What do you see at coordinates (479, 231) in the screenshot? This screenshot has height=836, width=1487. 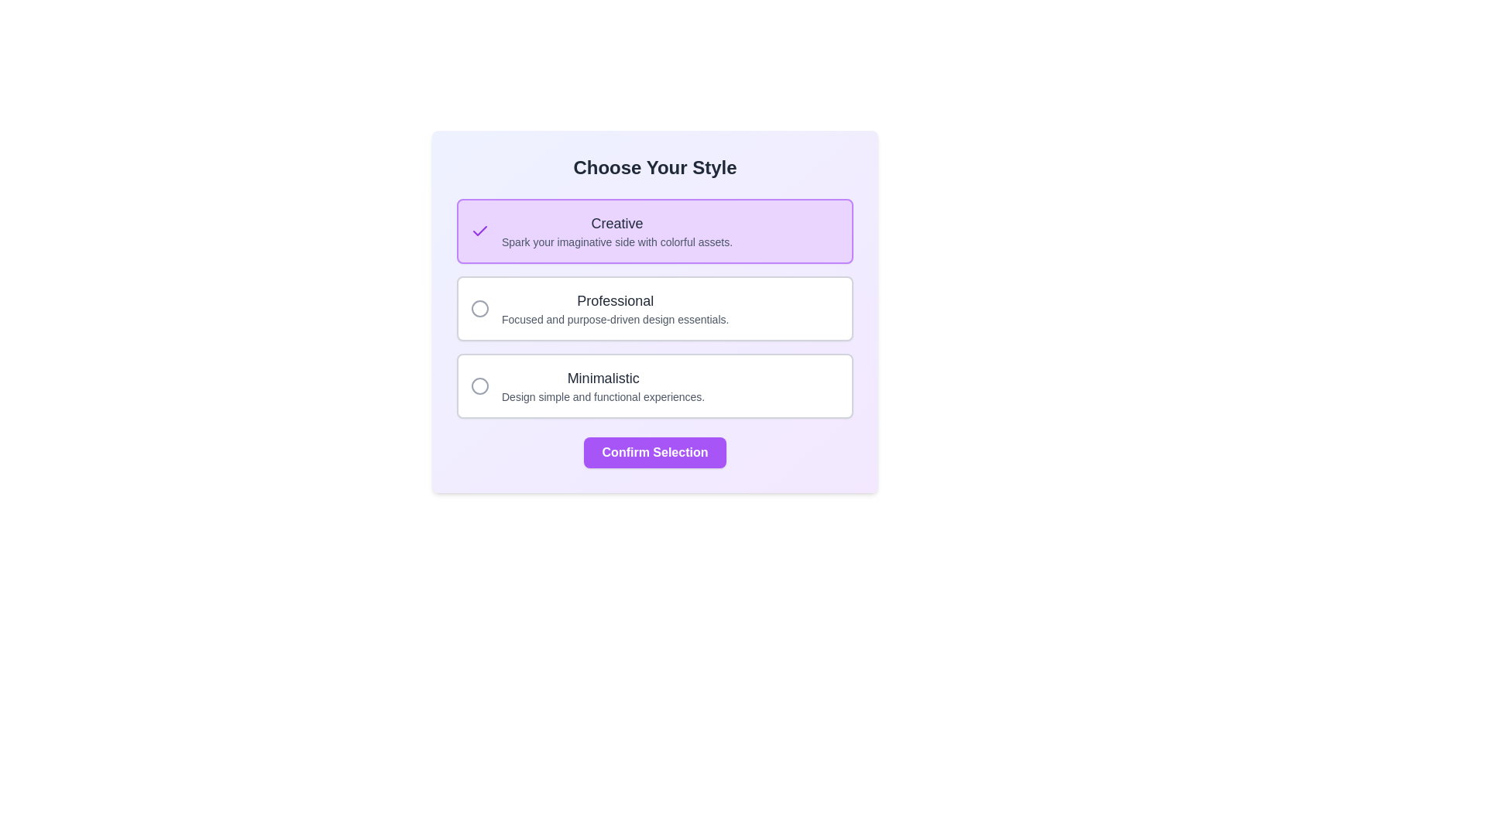 I see `the triangular checkmark graphic with a purple stroke located in the upper-left side of the 'Creative' option in the selection interface` at bounding box center [479, 231].